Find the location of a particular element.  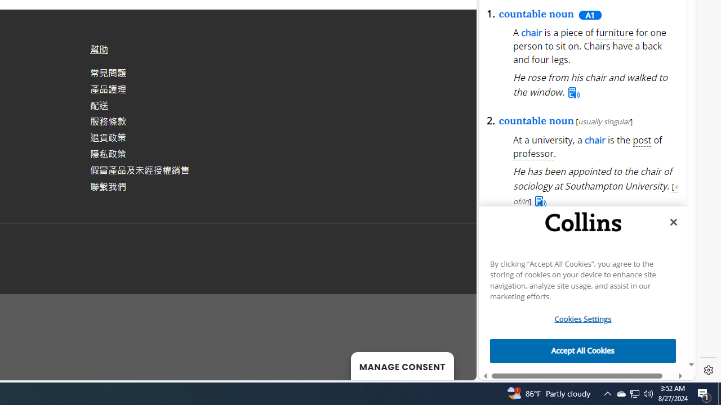

'A1' is located at coordinates (589, 15).